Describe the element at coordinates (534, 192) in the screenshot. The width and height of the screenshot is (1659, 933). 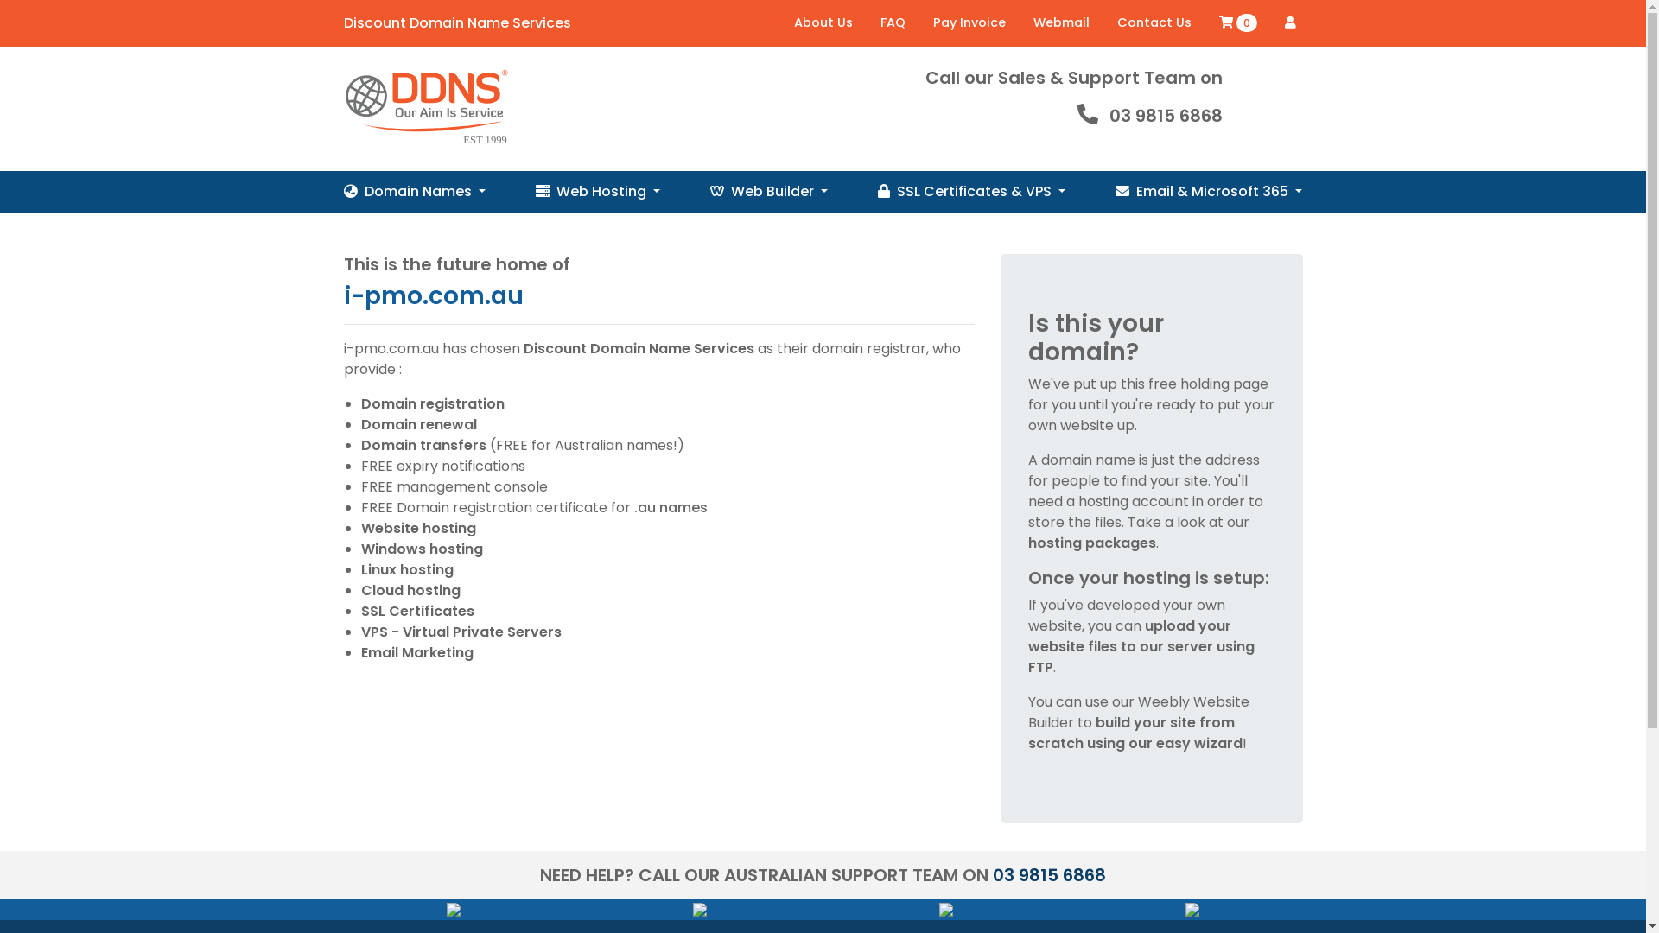
I see `'Web Hosting'` at that location.